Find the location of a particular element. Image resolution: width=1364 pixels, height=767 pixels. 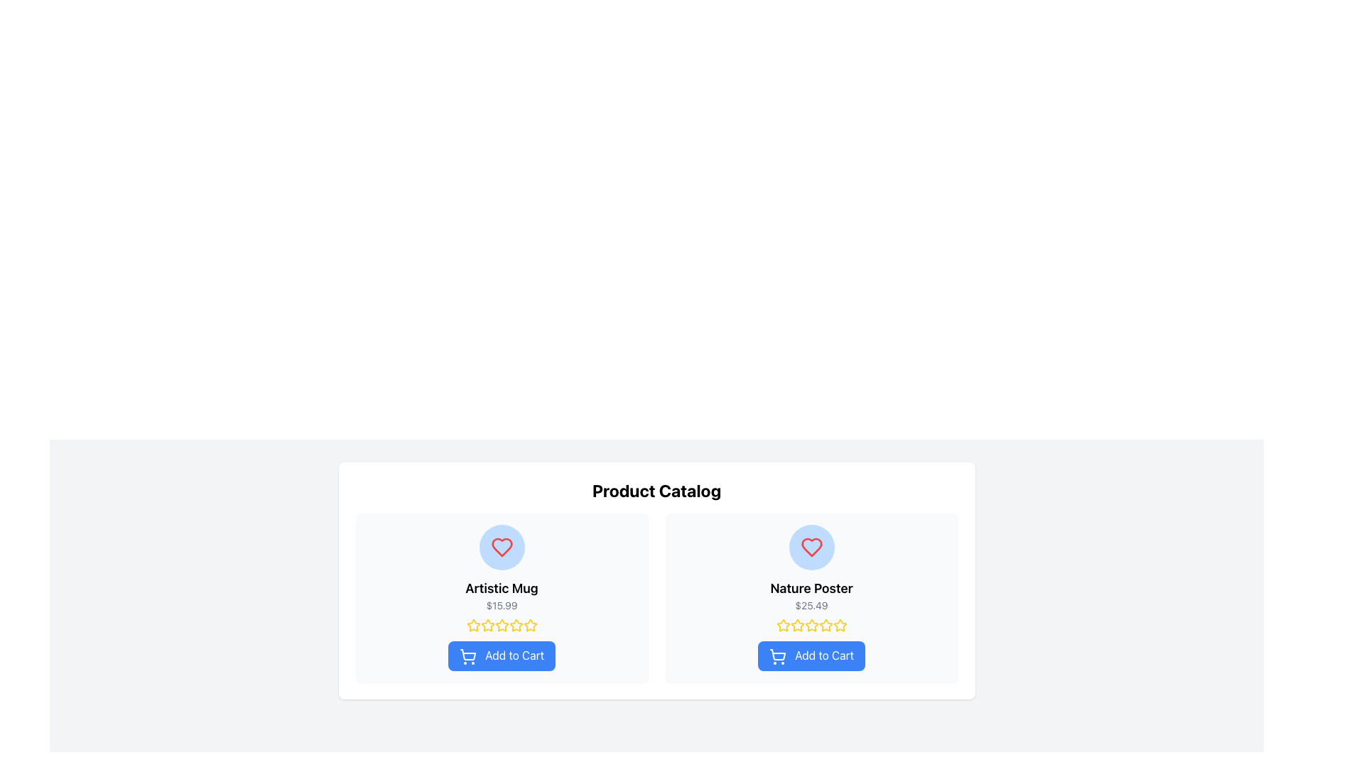

the last star icon in the rating system under the 'Nature Poster' product in the product catalog section is located at coordinates (840, 624).